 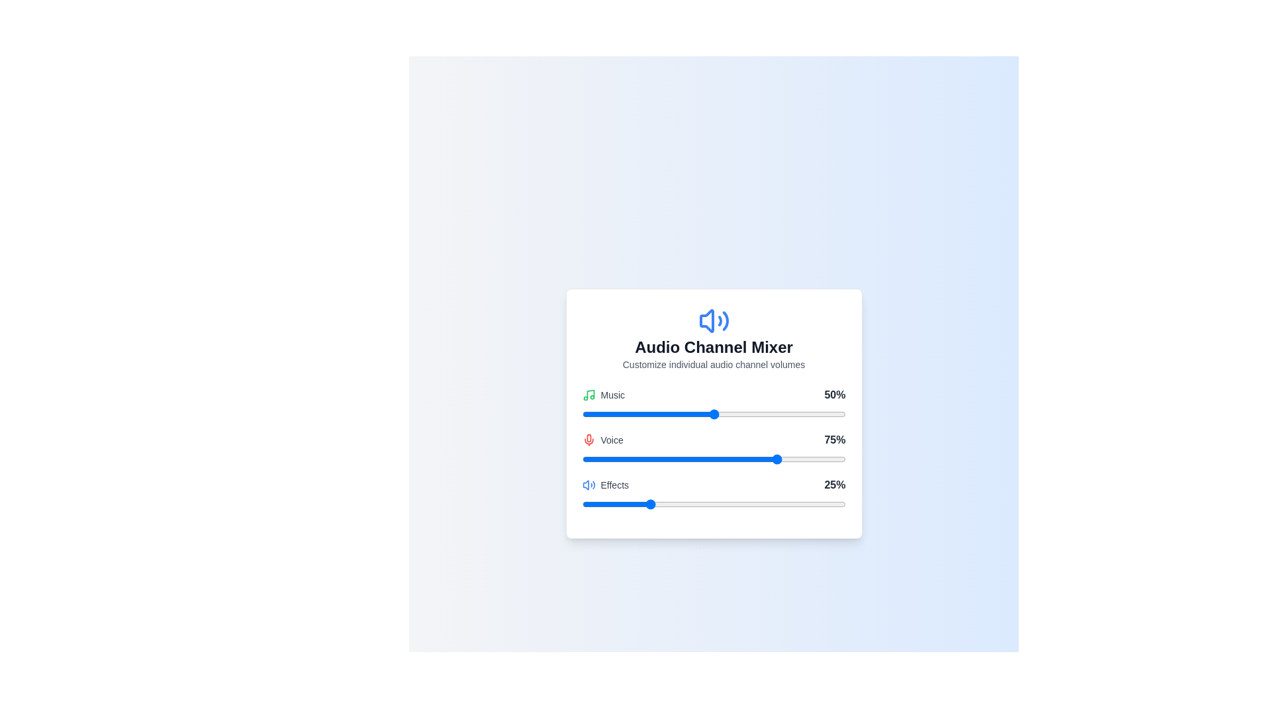 What do you see at coordinates (775, 504) in the screenshot?
I see `effects volume` at bounding box center [775, 504].